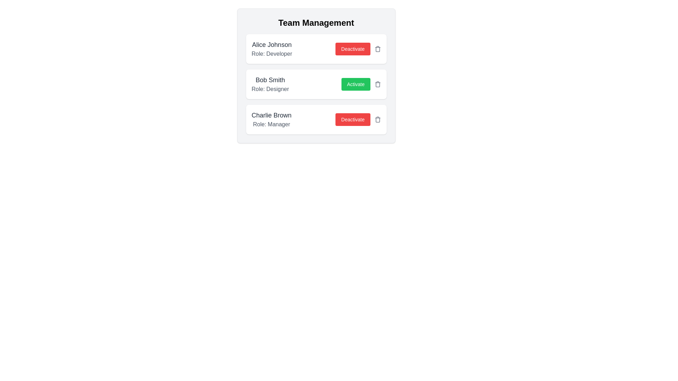  Describe the element at coordinates (377, 84) in the screenshot. I see `trash icon button to remove the team member Bob Smith` at that location.